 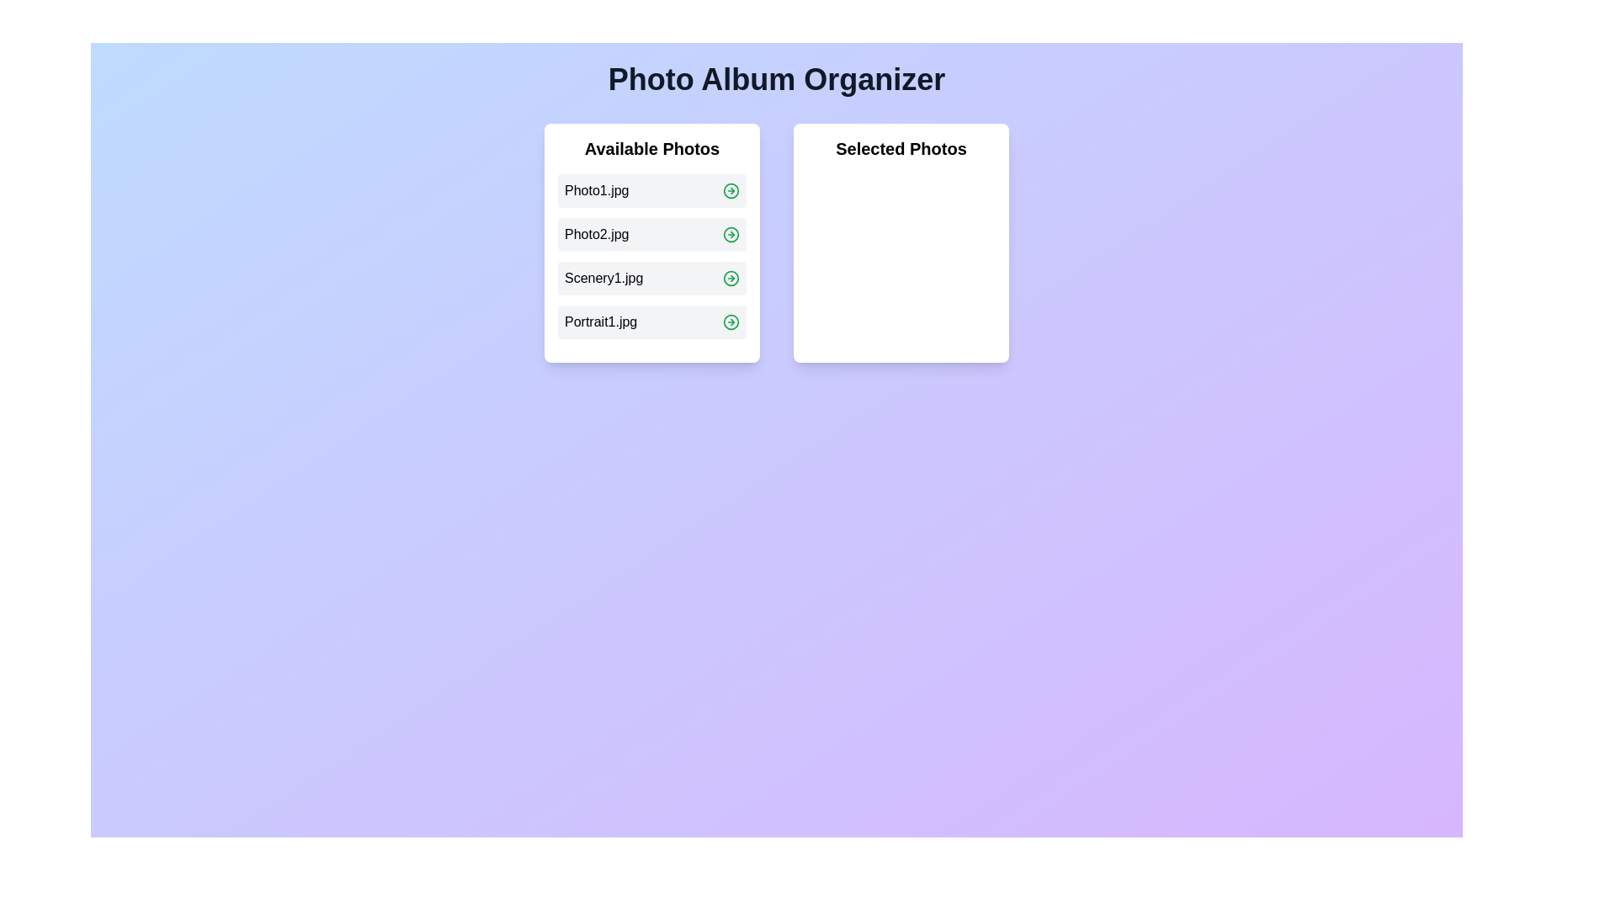 What do you see at coordinates (731, 190) in the screenshot?
I see `the green arrow icon next to the photo named Photo1.jpg to move it to the 'Selected Photos' list` at bounding box center [731, 190].